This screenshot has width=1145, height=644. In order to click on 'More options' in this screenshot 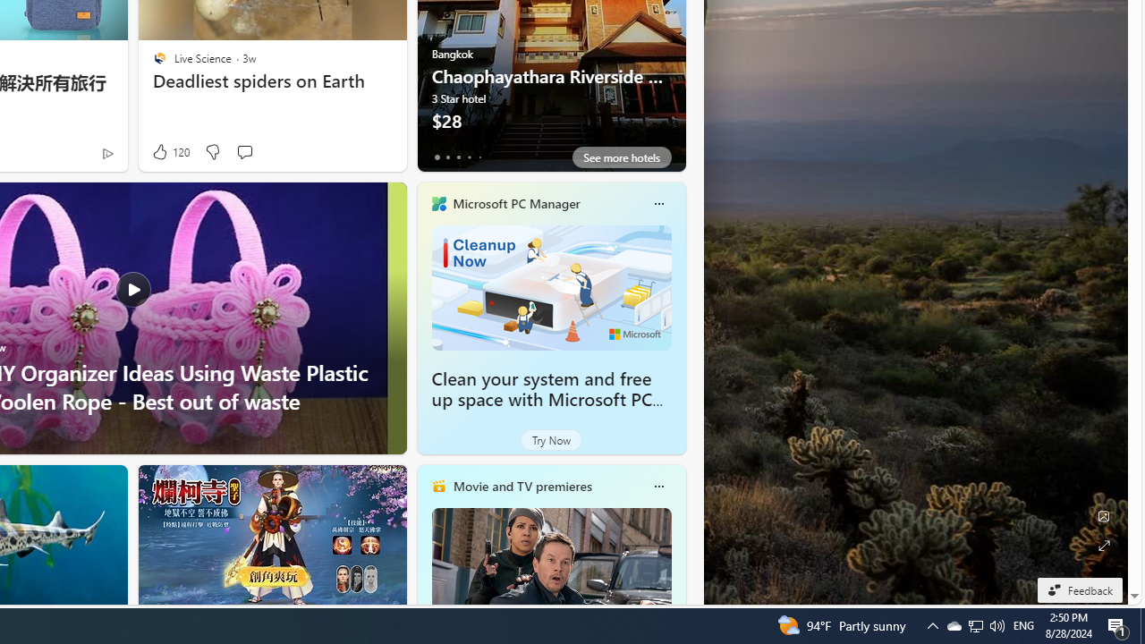, I will do `click(657, 486)`.